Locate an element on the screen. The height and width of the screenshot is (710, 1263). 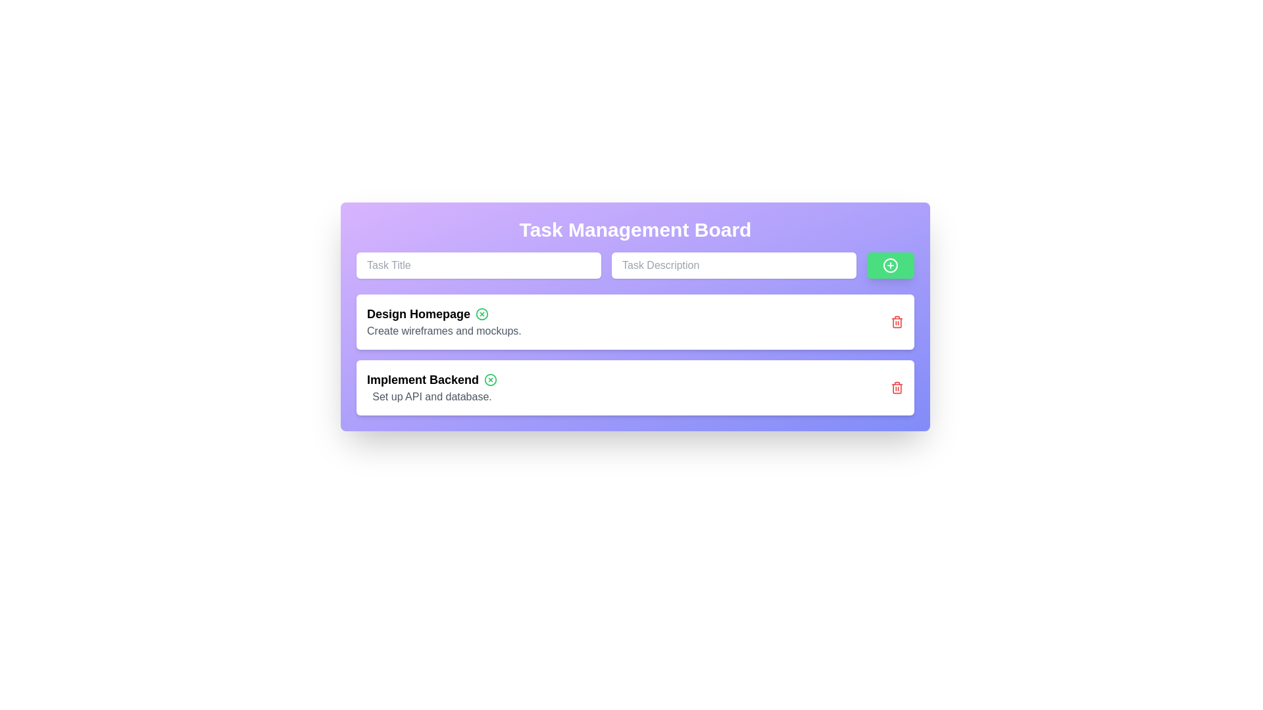
the textual label displaying 'Create wireframes and mockups.' located under the 'Design Homepage' section is located at coordinates (444, 331).